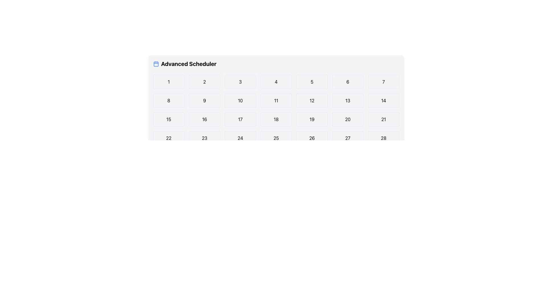 The height and width of the screenshot is (307, 547). Describe the element at coordinates (168, 119) in the screenshot. I see `the button displaying the number '15' to change its background color` at that location.